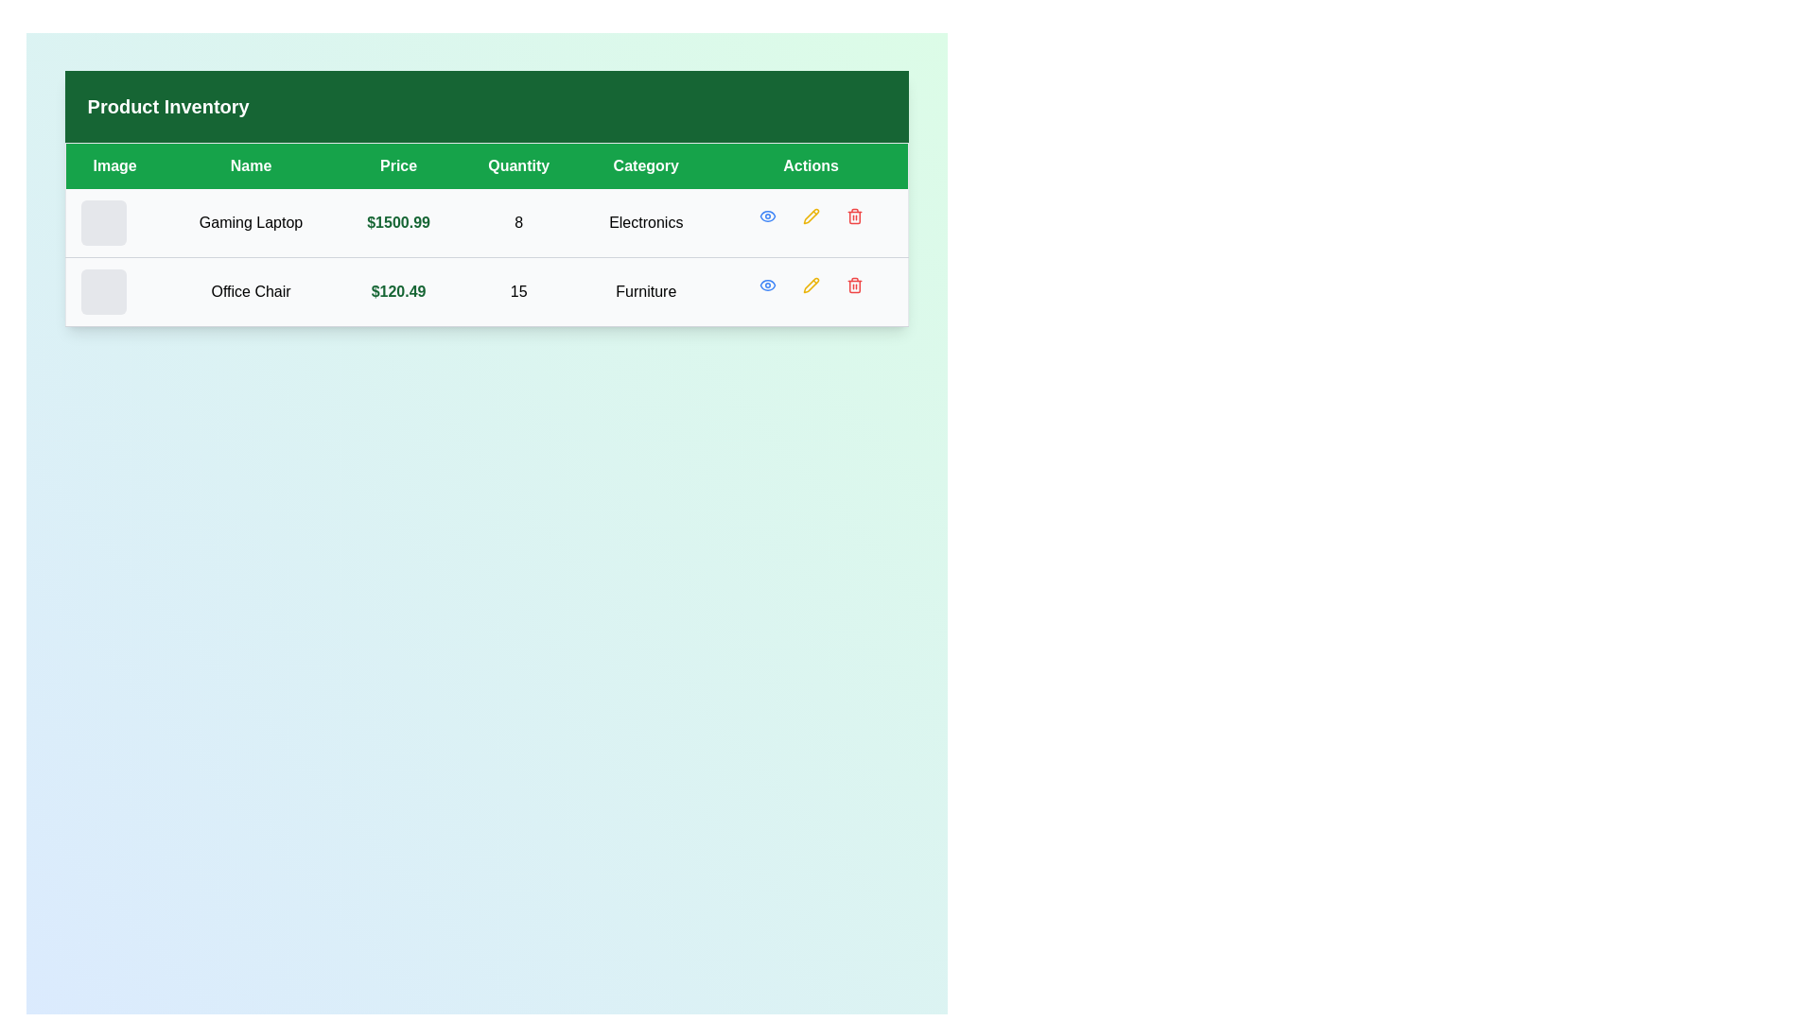  Describe the element at coordinates (518, 222) in the screenshot. I see `the 'Quantity' text label indicating the number of items available for the 'Gaming Laptop' product, located in the fourth column of the first row of the table` at that location.